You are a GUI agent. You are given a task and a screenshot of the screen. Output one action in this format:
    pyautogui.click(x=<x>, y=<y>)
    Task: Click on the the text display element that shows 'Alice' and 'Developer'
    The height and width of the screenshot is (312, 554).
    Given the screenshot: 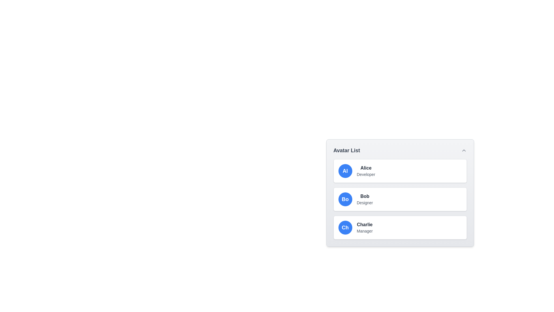 What is the action you would take?
    pyautogui.click(x=366, y=170)
    